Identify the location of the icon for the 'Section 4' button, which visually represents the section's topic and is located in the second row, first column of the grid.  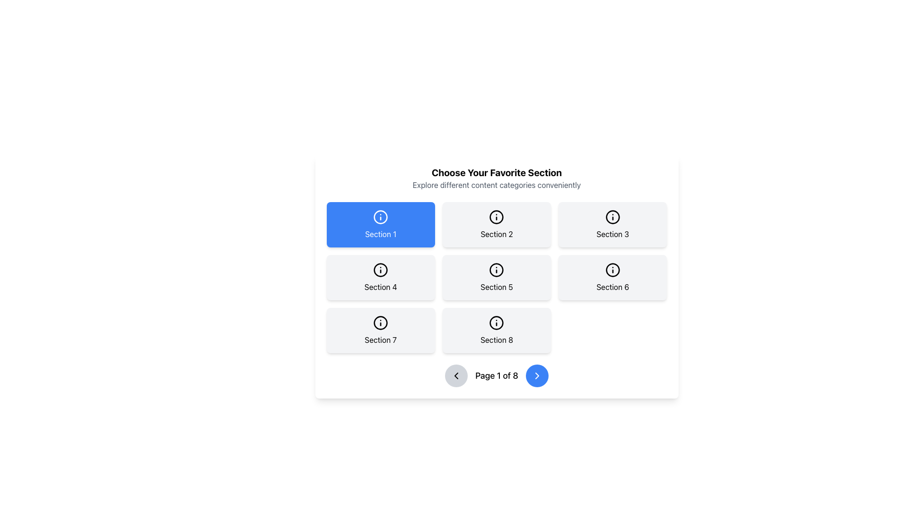
(381, 270).